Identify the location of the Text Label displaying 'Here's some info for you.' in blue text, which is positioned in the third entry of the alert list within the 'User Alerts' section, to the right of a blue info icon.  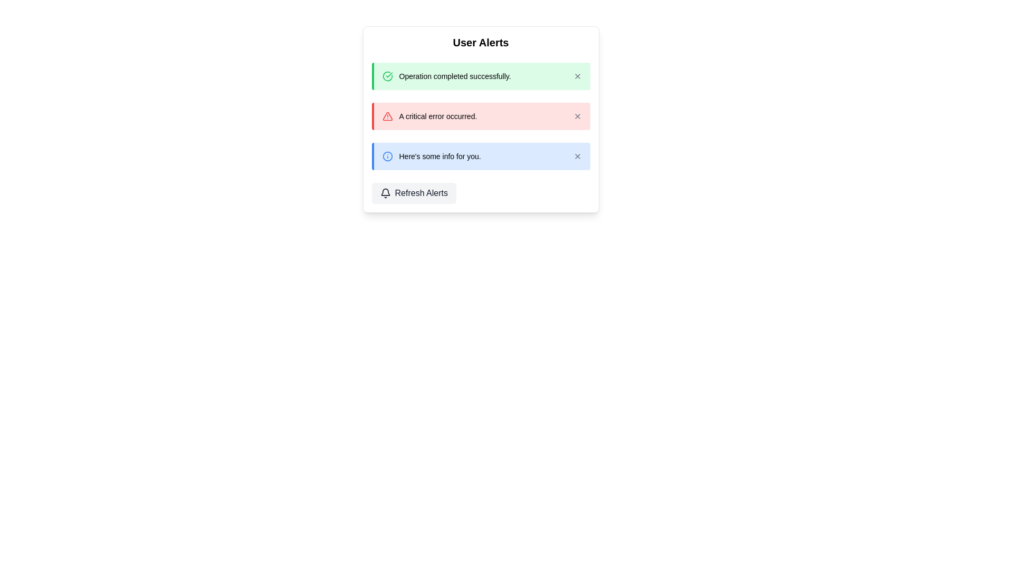
(440, 156).